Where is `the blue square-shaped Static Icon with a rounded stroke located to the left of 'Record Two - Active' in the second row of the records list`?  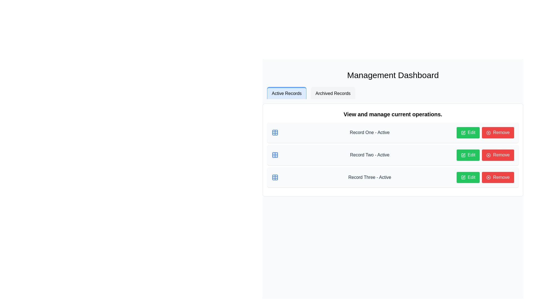
the blue square-shaped Static Icon with a rounded stroke located to the left of 'Record Two - Active' in the second row of the records list is located at coordinates (275, 155).